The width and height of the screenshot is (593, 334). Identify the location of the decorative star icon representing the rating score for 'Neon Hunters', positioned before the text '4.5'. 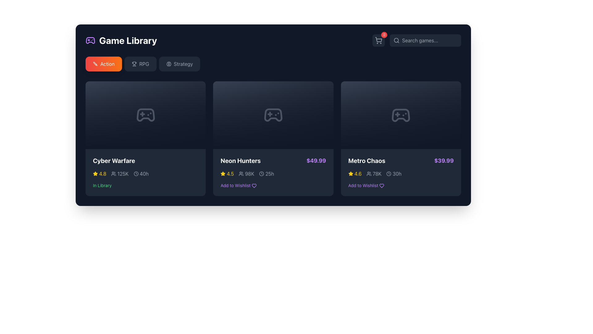
(223, 174).